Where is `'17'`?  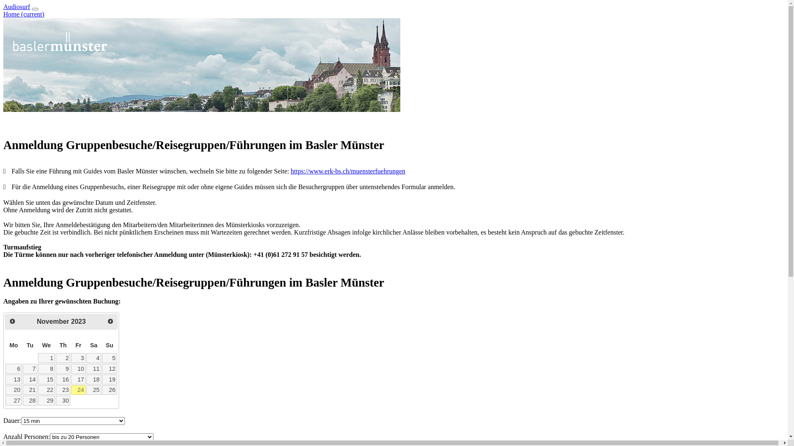
'17' is located at coordinates (78, 379).